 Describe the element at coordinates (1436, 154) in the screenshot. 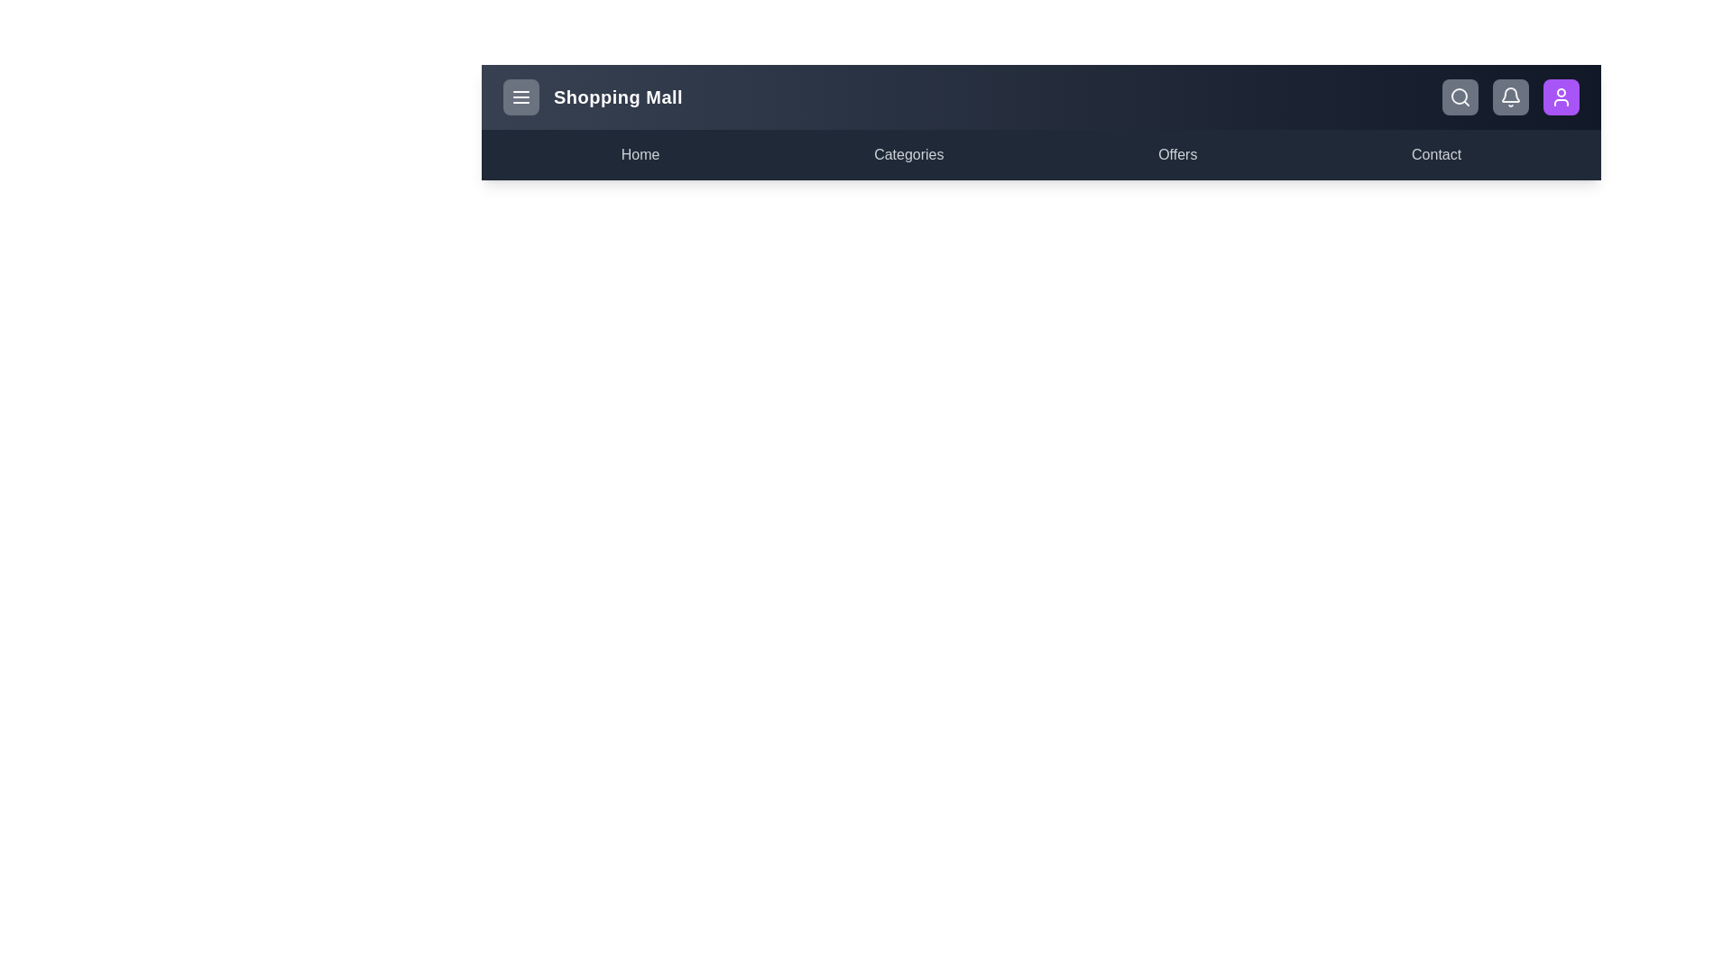

I see `the menu item Contact` at that location.